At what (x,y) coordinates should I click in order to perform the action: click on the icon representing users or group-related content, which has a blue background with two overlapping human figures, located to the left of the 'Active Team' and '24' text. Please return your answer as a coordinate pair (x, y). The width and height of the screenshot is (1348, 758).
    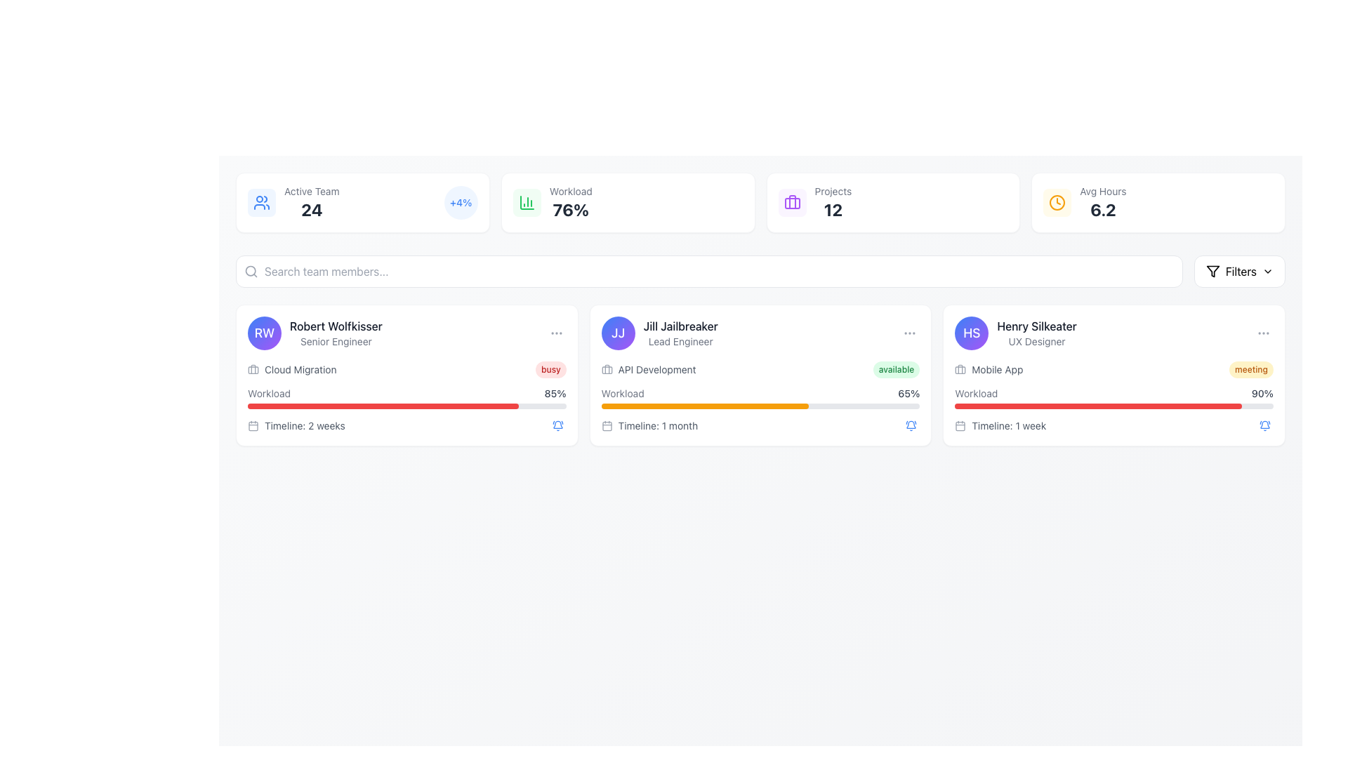
    Looking at the image, I should click on (262, 203).